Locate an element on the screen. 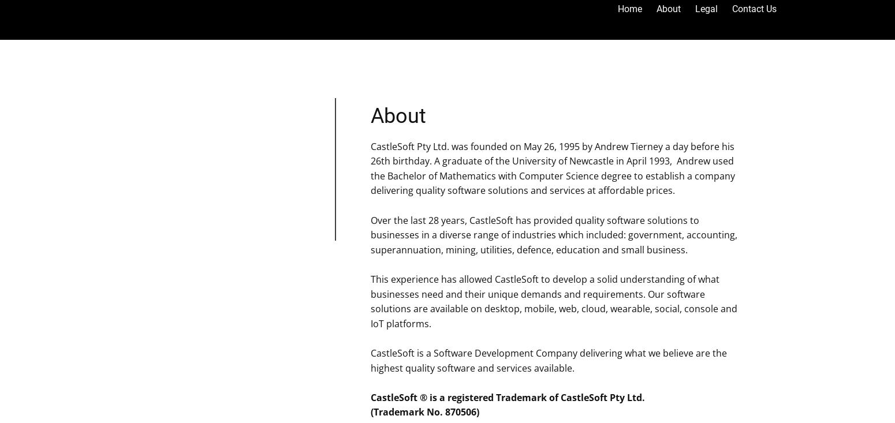  'CastleSoft AI' is located at coordinates (667, 49).